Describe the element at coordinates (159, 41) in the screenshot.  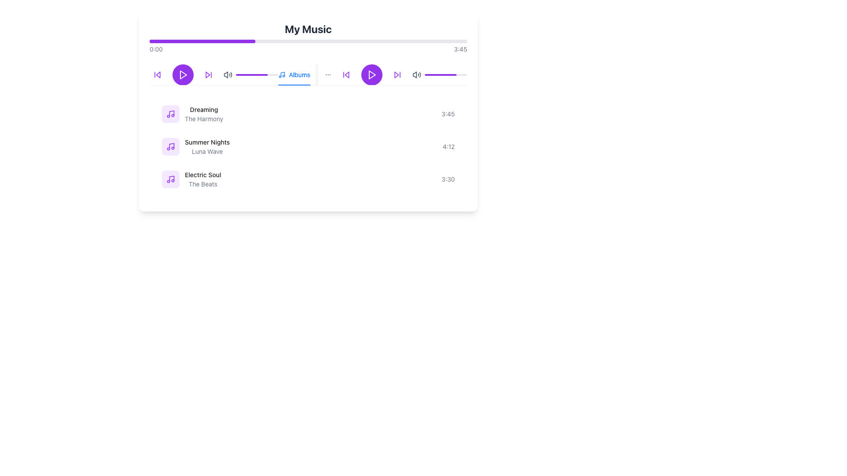
I see `the media progress` at that location.